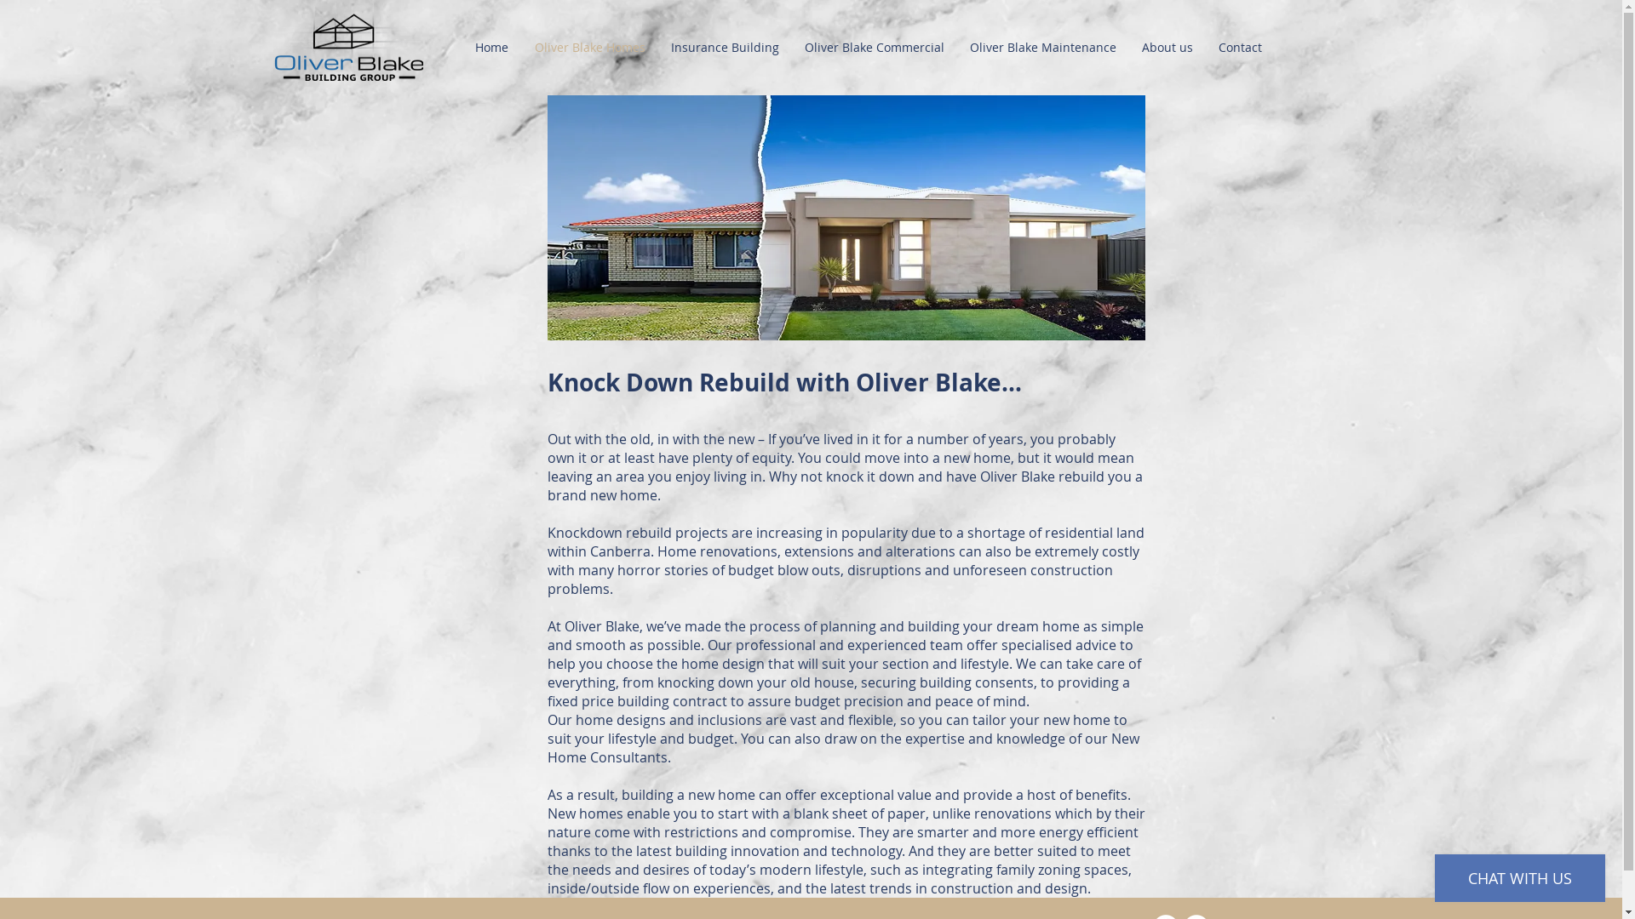  I want to click on 'Oliver Blake Commercial', so click(791, 46).